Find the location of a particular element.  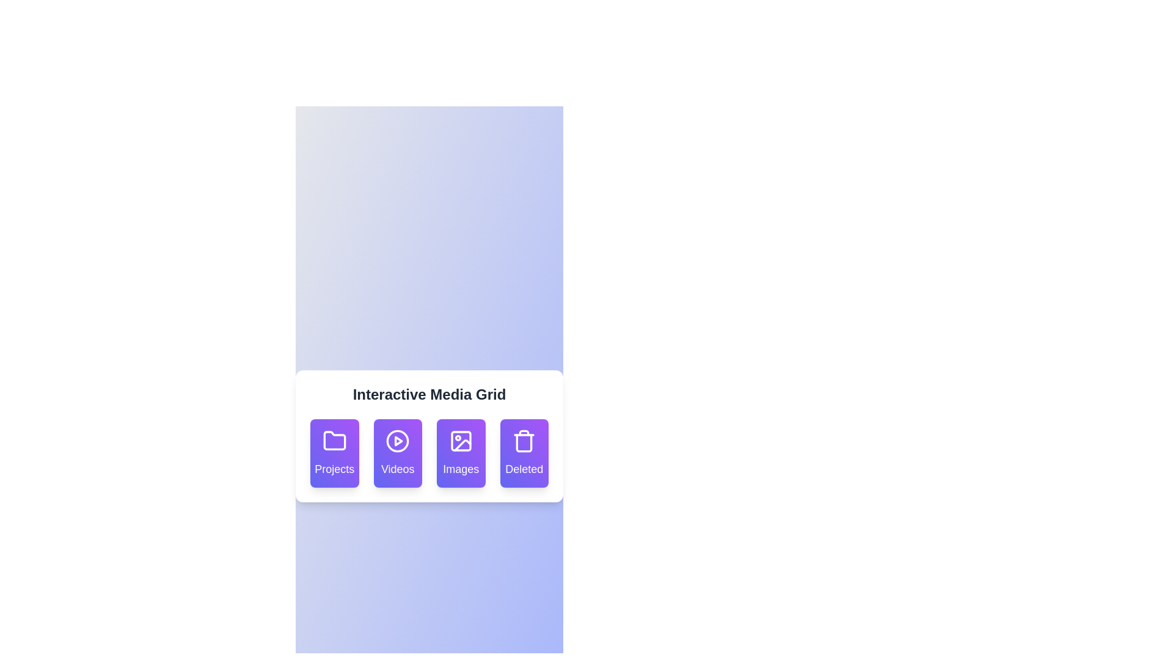

the rectangular button with rounded corners, featuring a gradient from indigo to purple and labeled 'Images', to trigger a tooltip or effect is located at coordinates (460, 453).